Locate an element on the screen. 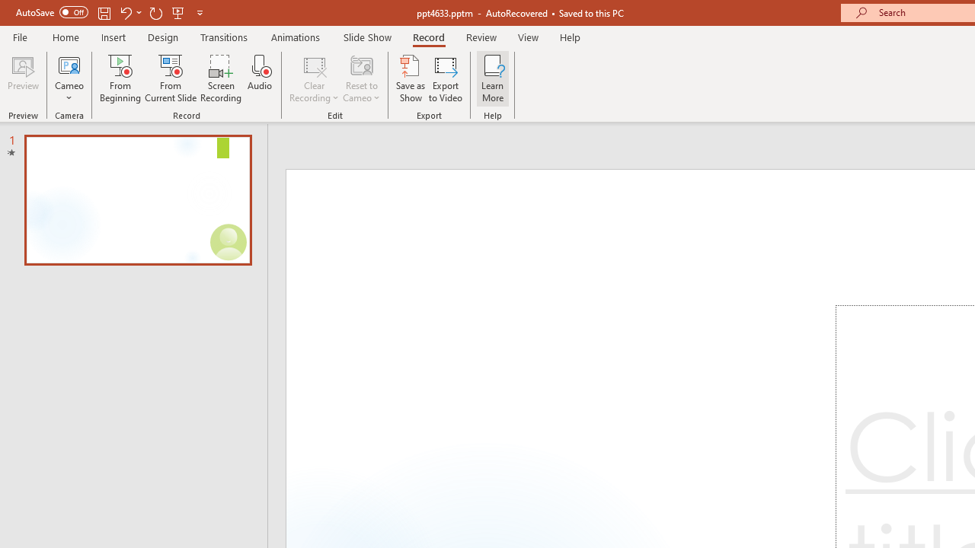  'Quick Access Toolbar' is located at coordinates (110, 12).